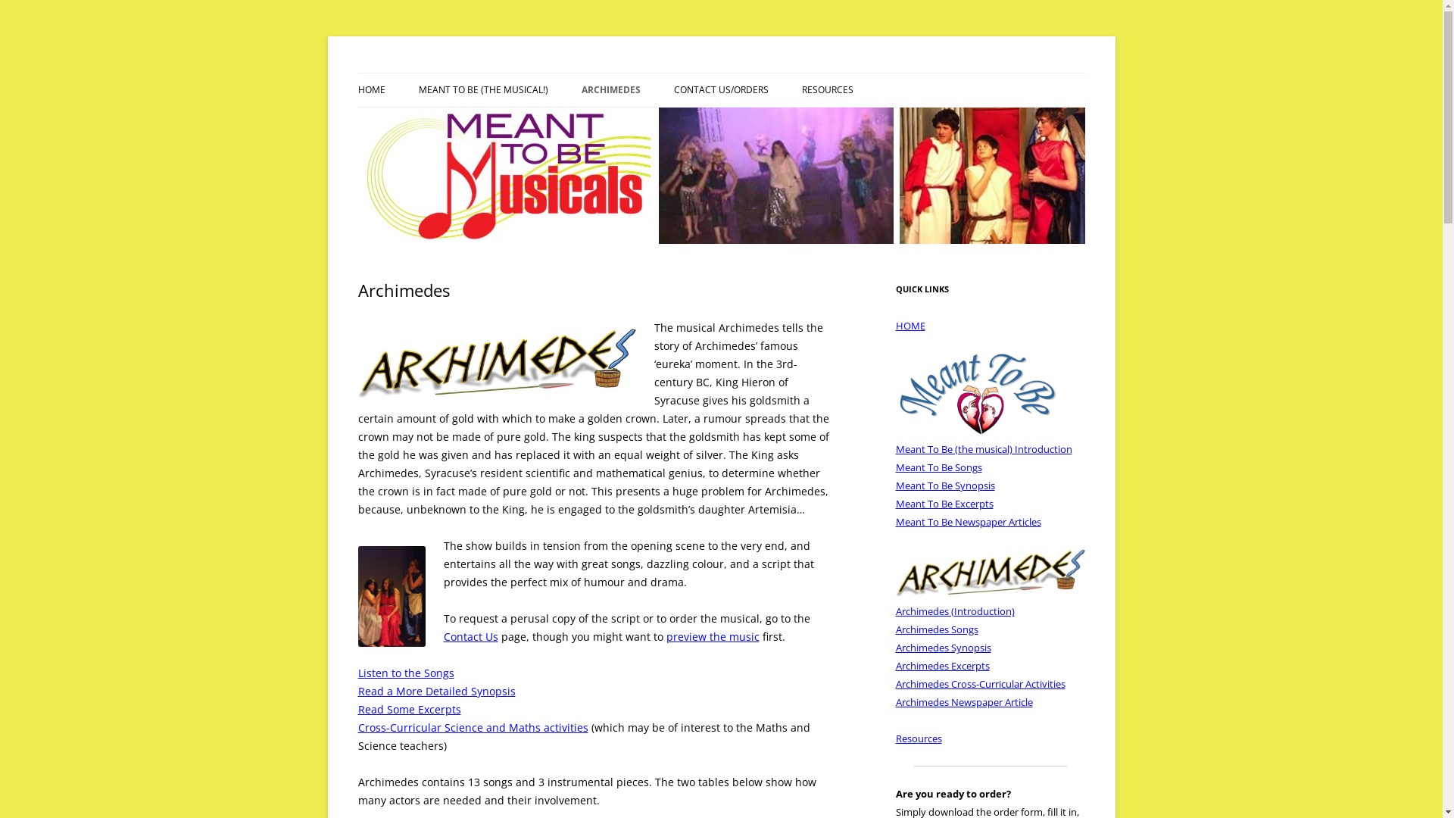 The height and width of the screenshot is (818, 1454). What do you see at coordinates (712, 636) in the screenshot?
I see `'preview the music'` at bounding box center [712, 636].